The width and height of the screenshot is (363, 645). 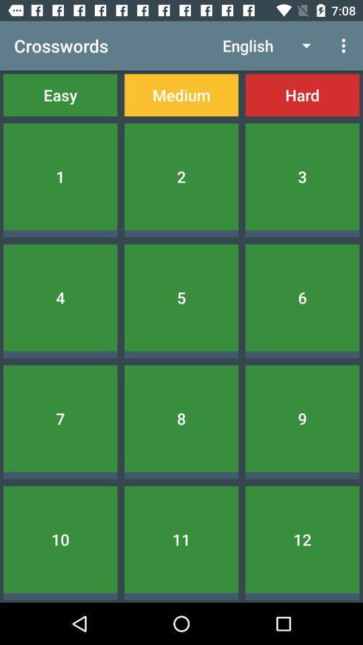 What do you see at coordinates (182, 298) in the screenshot?
I see `5` at bounding box center [182, 298].